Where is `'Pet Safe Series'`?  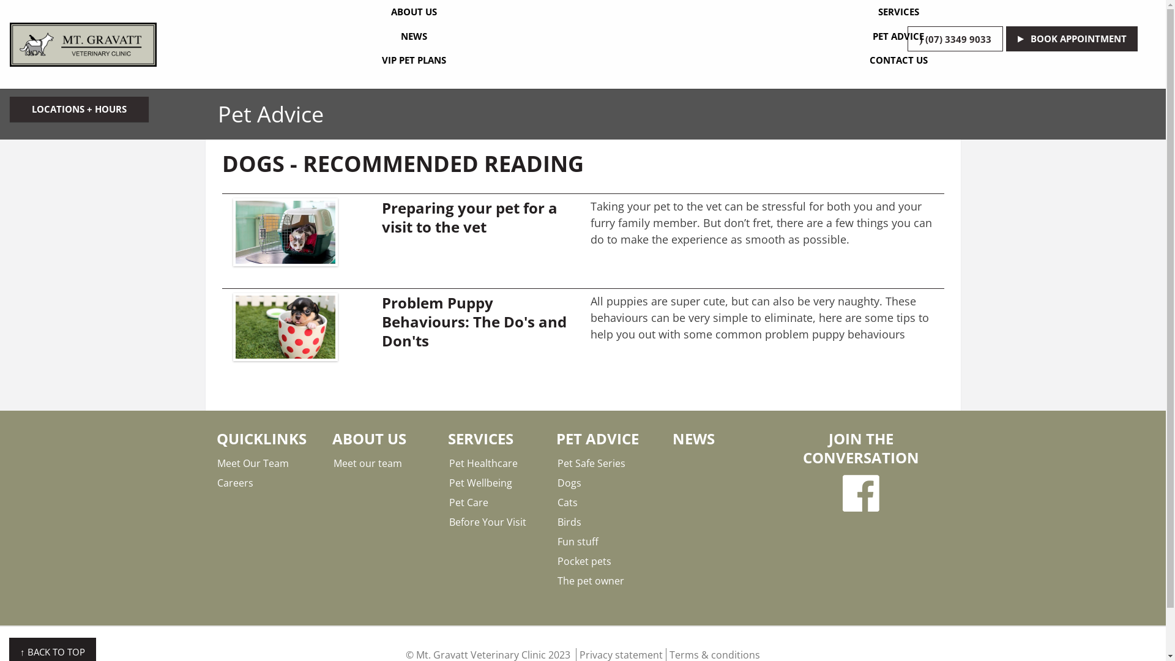
'Pet Safe Series' is located at coordinates (557, 463).